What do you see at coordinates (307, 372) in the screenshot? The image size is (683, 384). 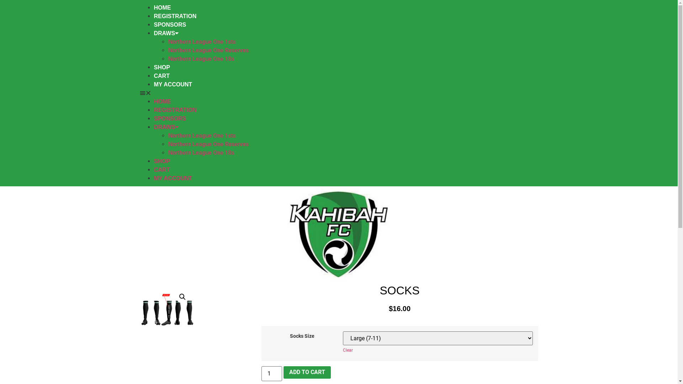 I see `'ADD TO CART'` at bounding box center [307, 372].